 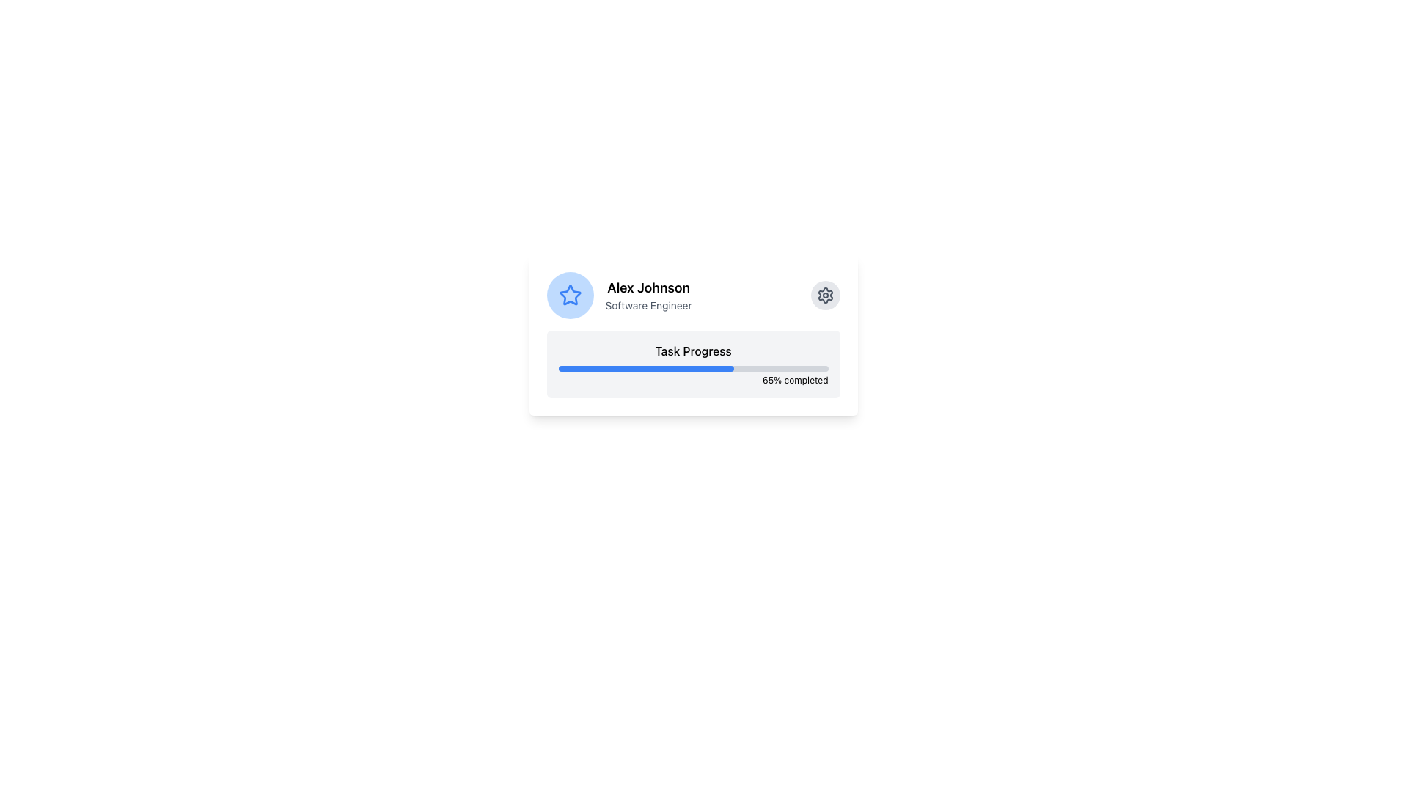 What do you see at coordinates (692, 364) in the screenshot?
I see `the progress bar labeled 'Task Progress' indicating 65% completion, located below the 'Alex Johnson Software Engineer' section` at bounding box center [692, 364].